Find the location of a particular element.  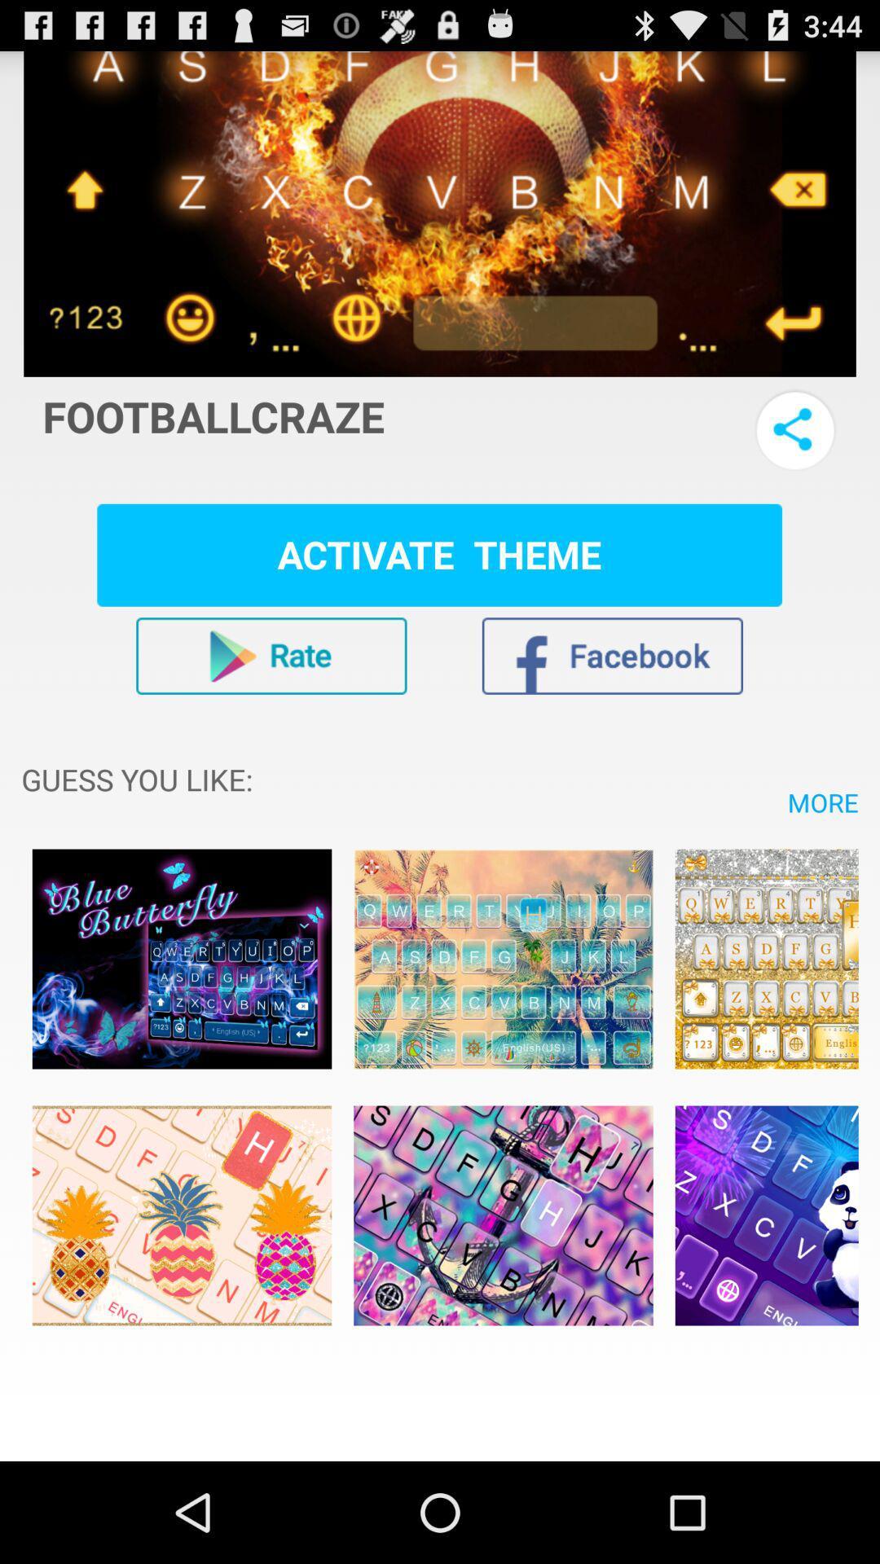

select blue butterfly theme is located at coordinates (182, 959).